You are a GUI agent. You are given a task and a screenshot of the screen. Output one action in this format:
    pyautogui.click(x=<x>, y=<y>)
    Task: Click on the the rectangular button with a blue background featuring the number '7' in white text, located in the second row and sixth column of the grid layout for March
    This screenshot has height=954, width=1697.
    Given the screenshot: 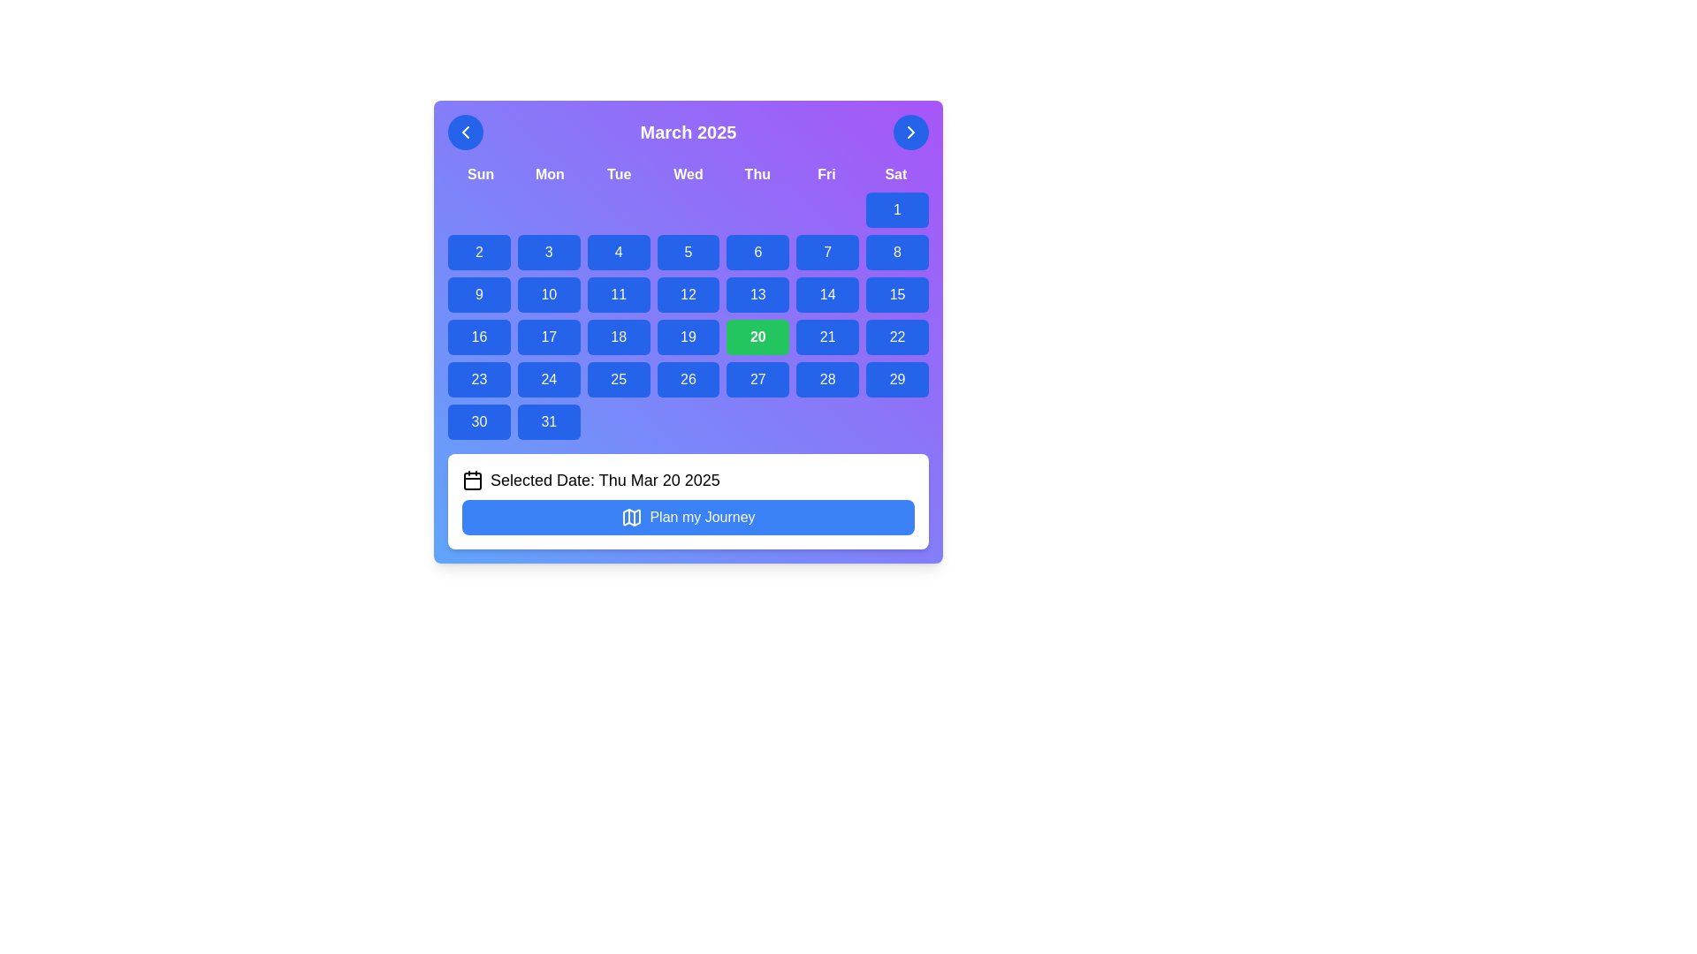 What is the action you would take?
    pyautogui.click(x=826, y=252)
    